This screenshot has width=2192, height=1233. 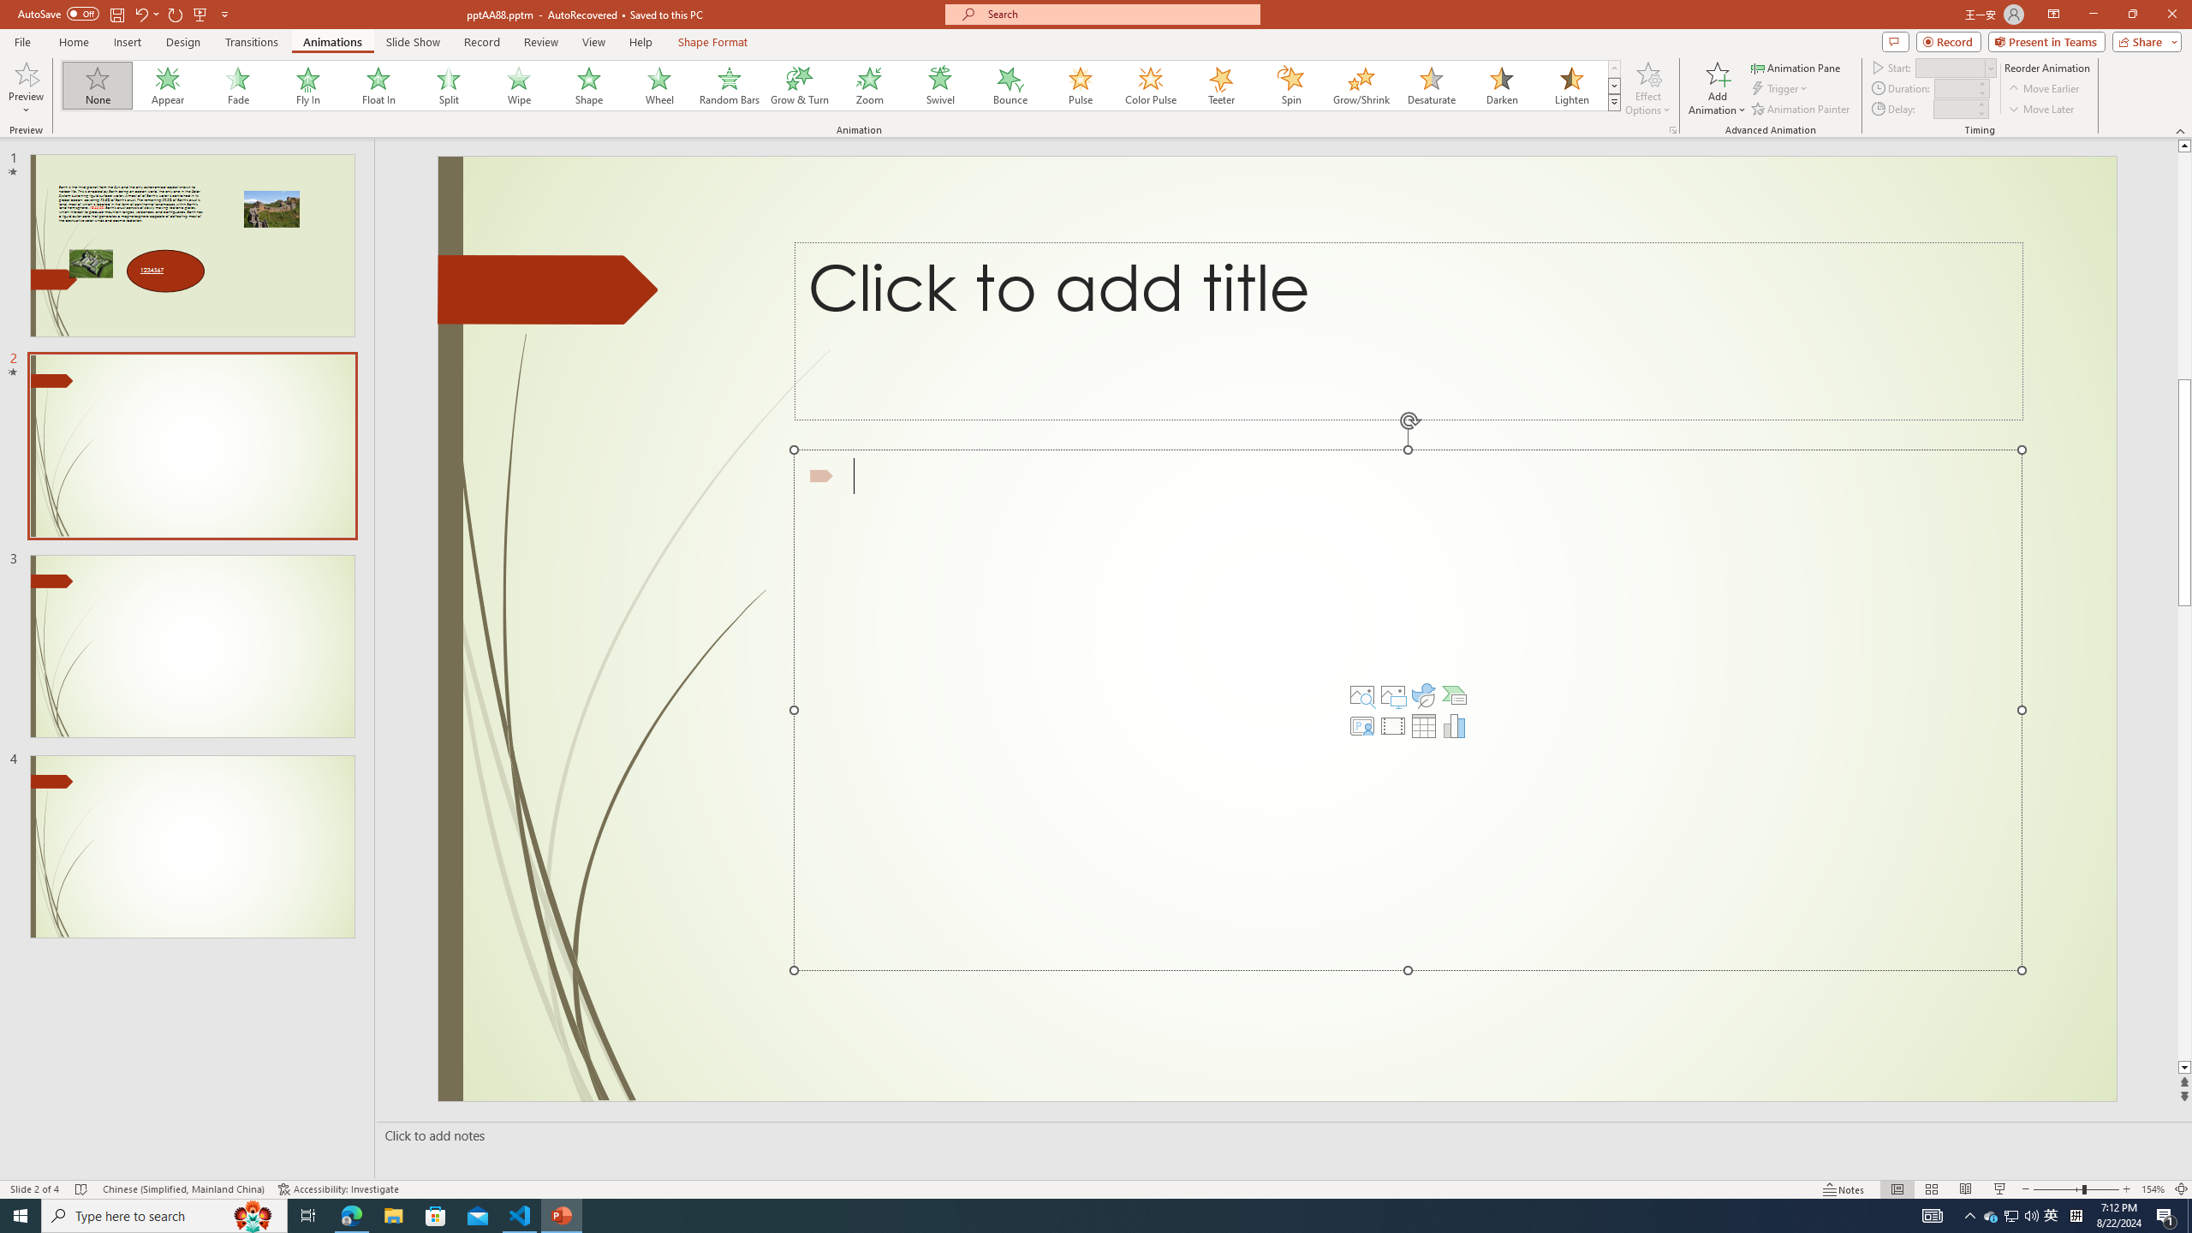 I want to click on 'Animation Painter', so click(x=1801, y=109).